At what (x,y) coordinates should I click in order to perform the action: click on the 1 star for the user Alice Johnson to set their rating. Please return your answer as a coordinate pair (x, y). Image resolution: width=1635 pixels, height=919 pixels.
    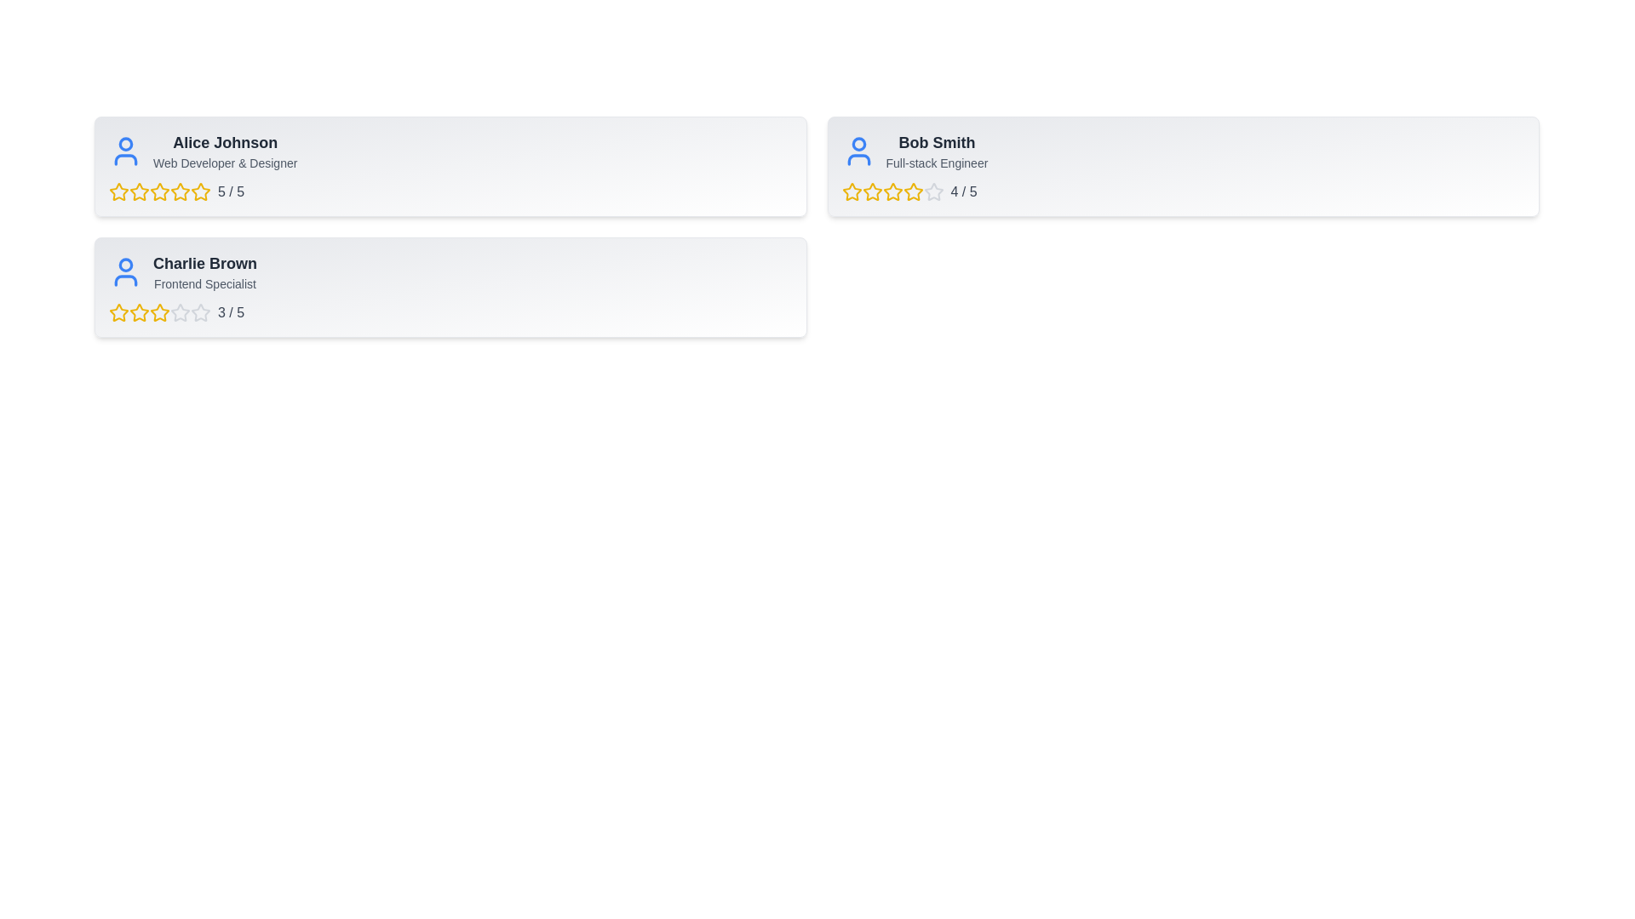
    Looking at the image, I should click on (118, 191).